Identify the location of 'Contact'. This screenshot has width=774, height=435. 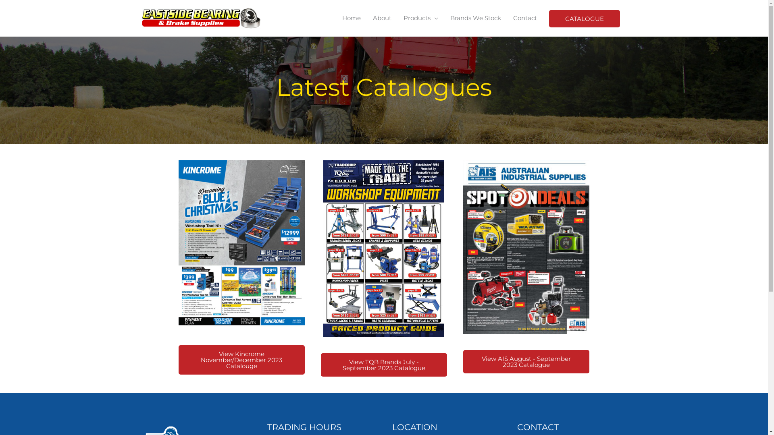
(525, 18).